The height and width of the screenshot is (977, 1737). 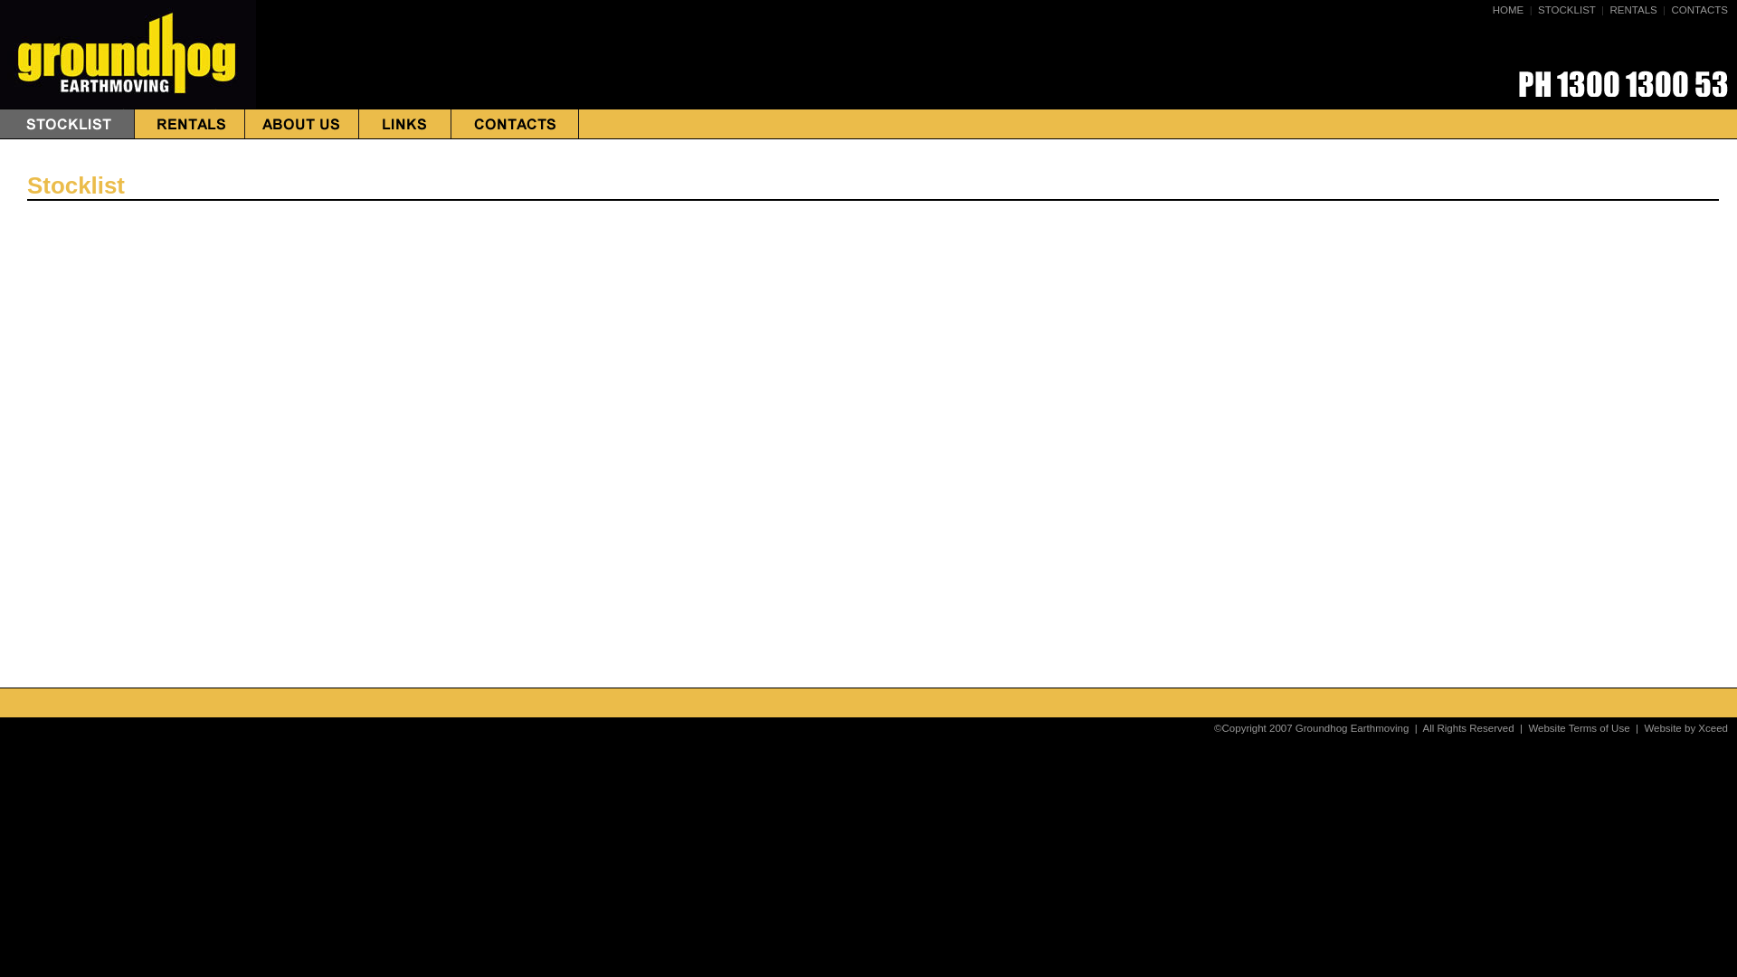 I want to click on 'LINKS', so click(x=403, y=132).